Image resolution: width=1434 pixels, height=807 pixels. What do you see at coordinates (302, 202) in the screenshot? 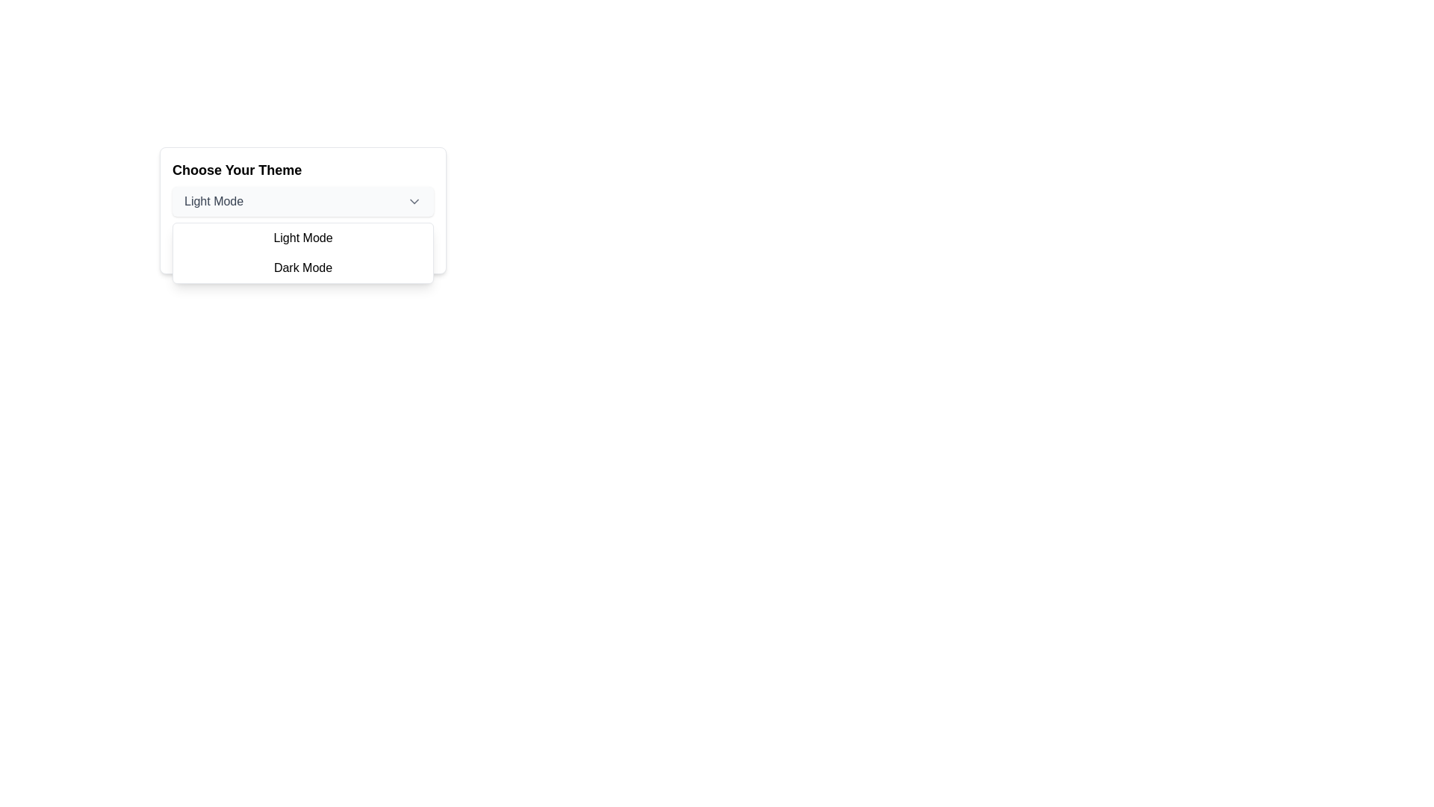
I see `the dropdown menu for selecting the theme in the 'Choose Your Theme' card component using keyboard input` at bounding box center [302, 202].